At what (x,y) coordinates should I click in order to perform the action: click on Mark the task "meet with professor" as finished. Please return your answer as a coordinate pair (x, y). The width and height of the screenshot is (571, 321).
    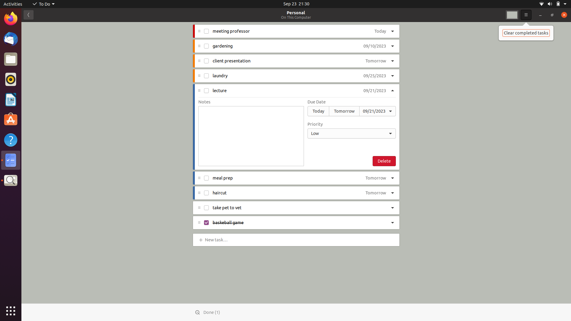
    Looking at the image, I should click on (207, 32).